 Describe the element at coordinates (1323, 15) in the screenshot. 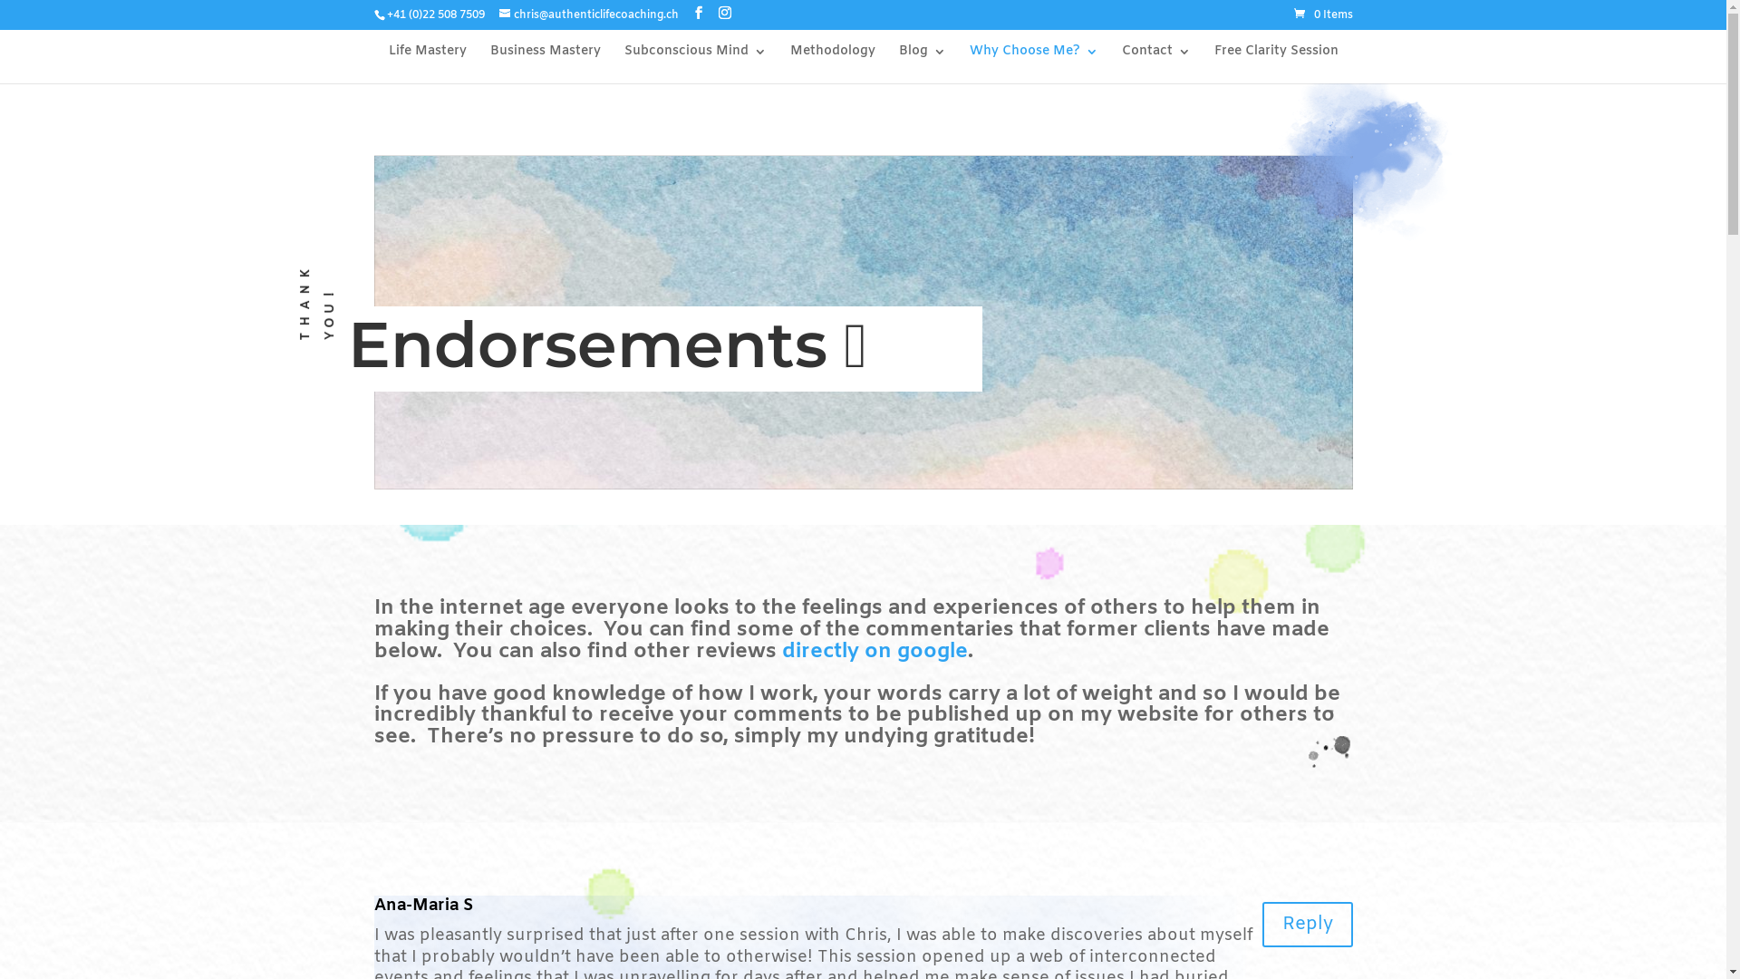

I see `'0 Items'` at that location.